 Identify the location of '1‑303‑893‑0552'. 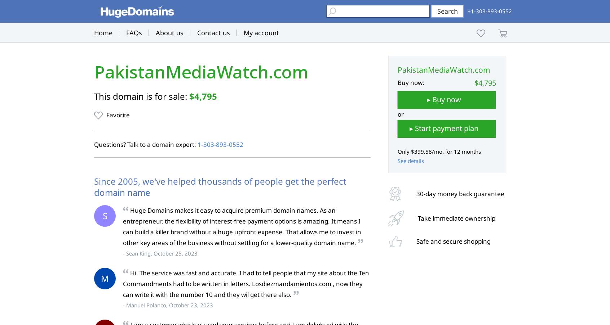
(198, 144).